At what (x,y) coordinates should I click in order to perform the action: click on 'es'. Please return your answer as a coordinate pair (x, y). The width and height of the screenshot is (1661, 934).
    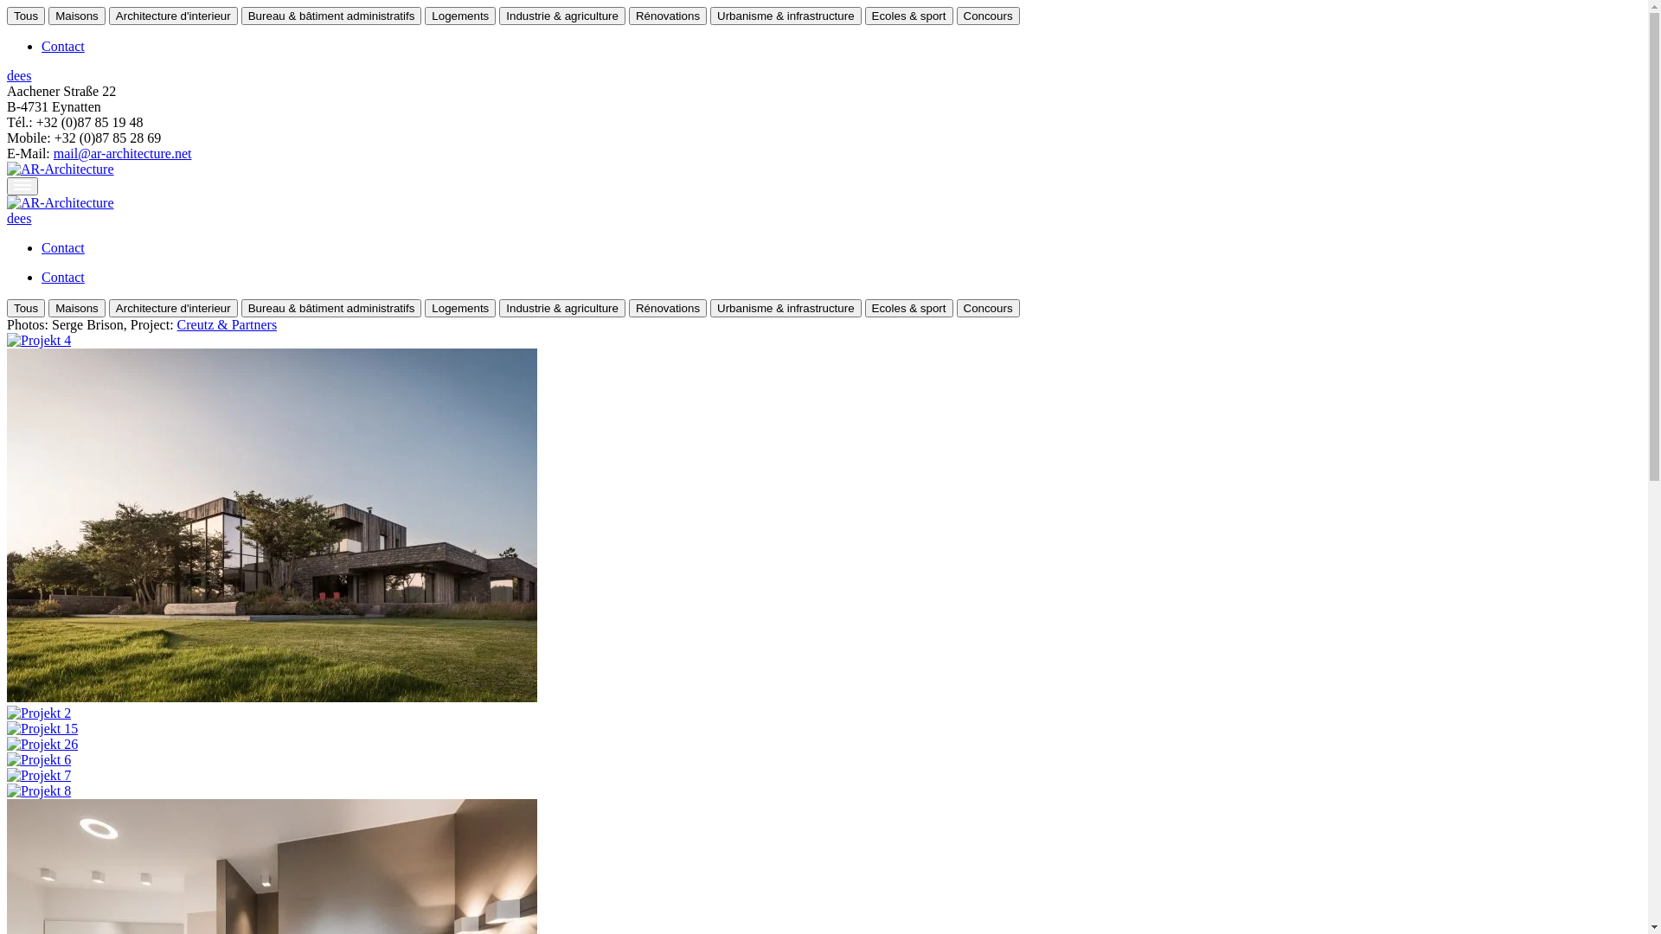
    Looking at the image, I should click on (25, 74).